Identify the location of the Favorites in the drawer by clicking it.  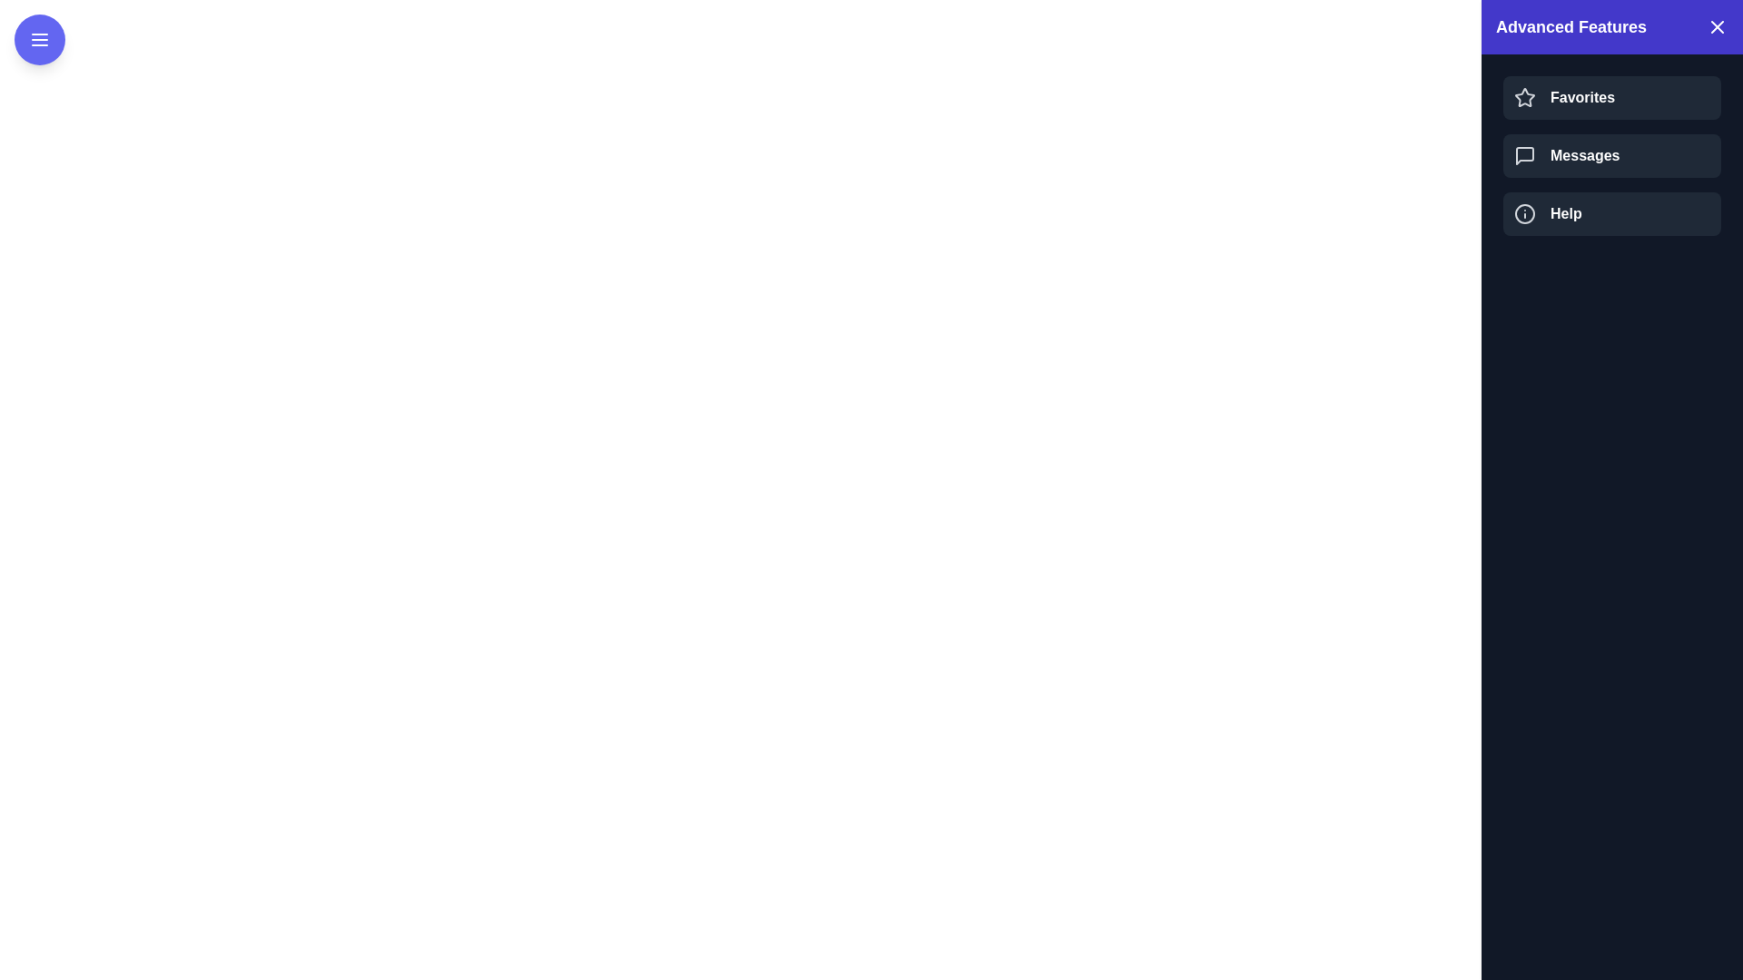
(1612, 98).